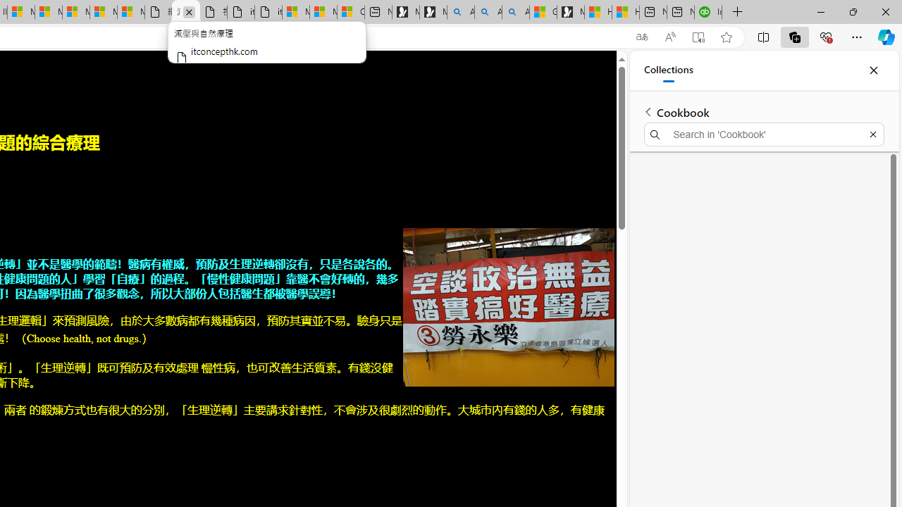  I want to click on 'Exit search', so click(872, 134).